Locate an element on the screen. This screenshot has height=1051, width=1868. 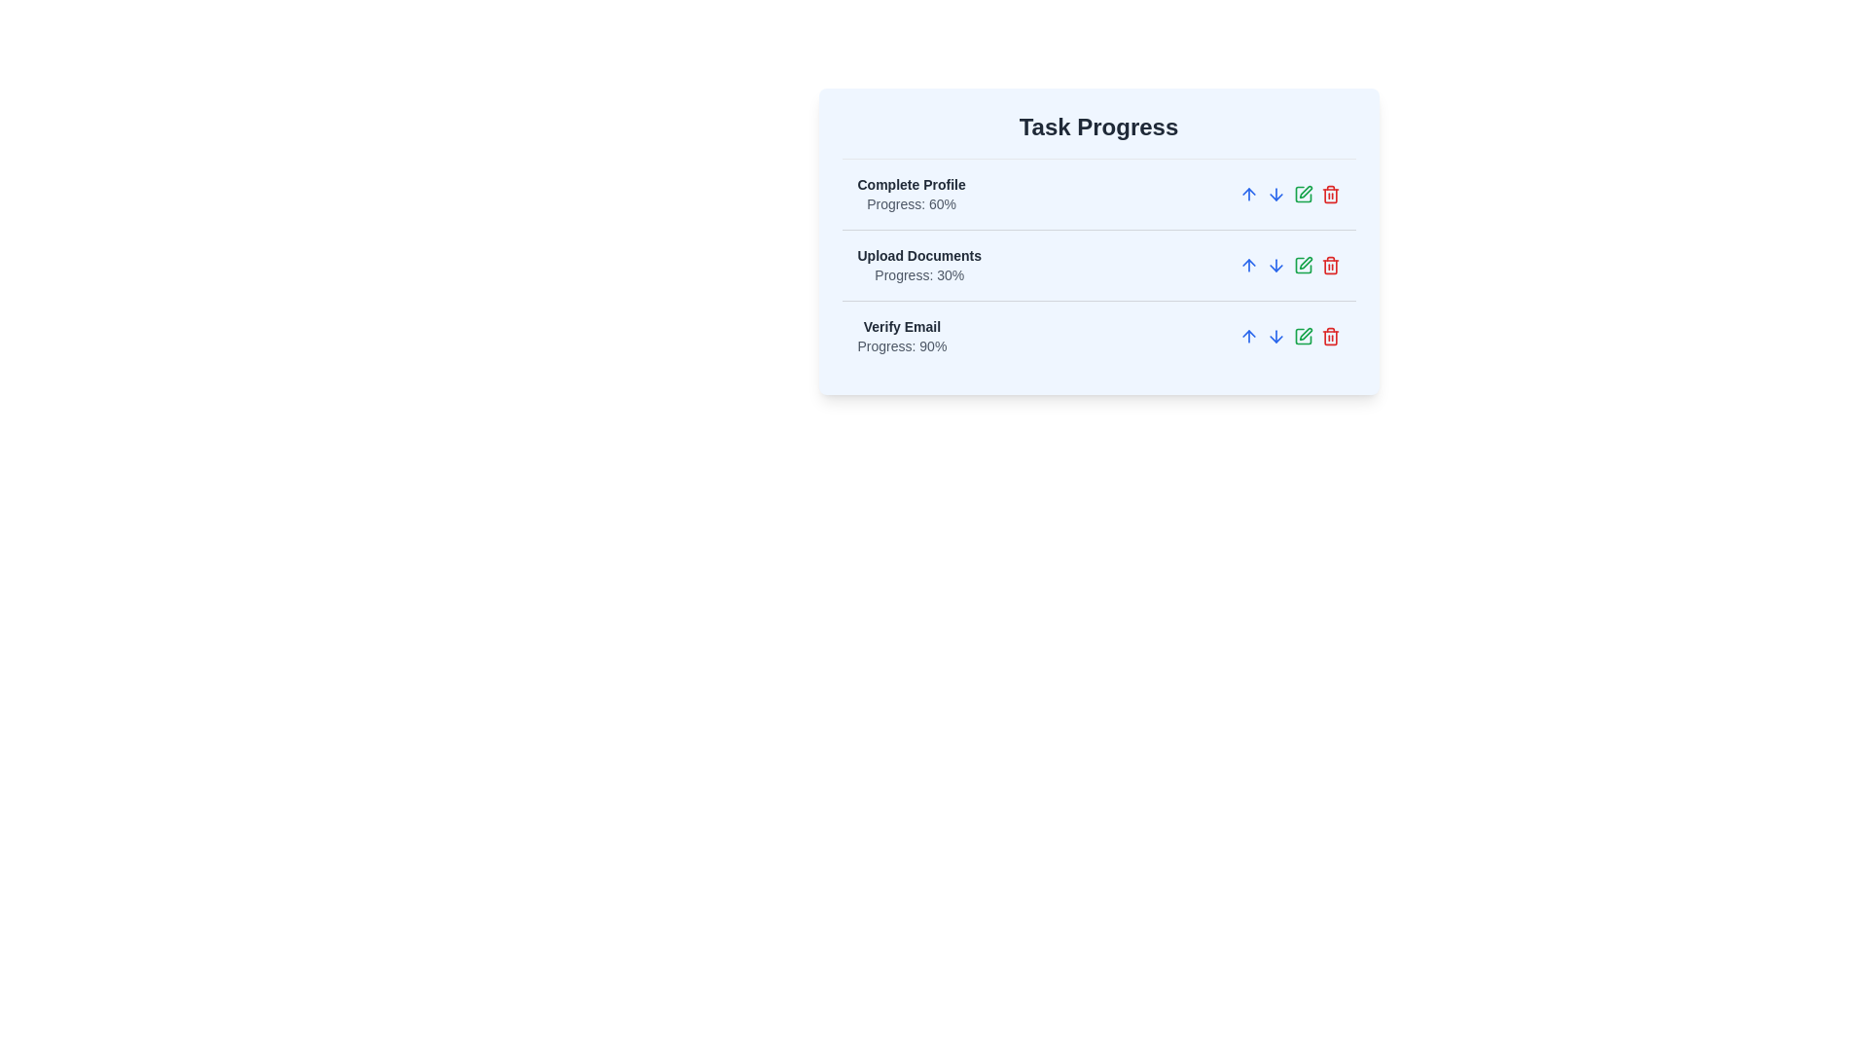
the 'delete' icon button, which is the third action element in the last row of the task progress list is located at coordinates (1329, 337).